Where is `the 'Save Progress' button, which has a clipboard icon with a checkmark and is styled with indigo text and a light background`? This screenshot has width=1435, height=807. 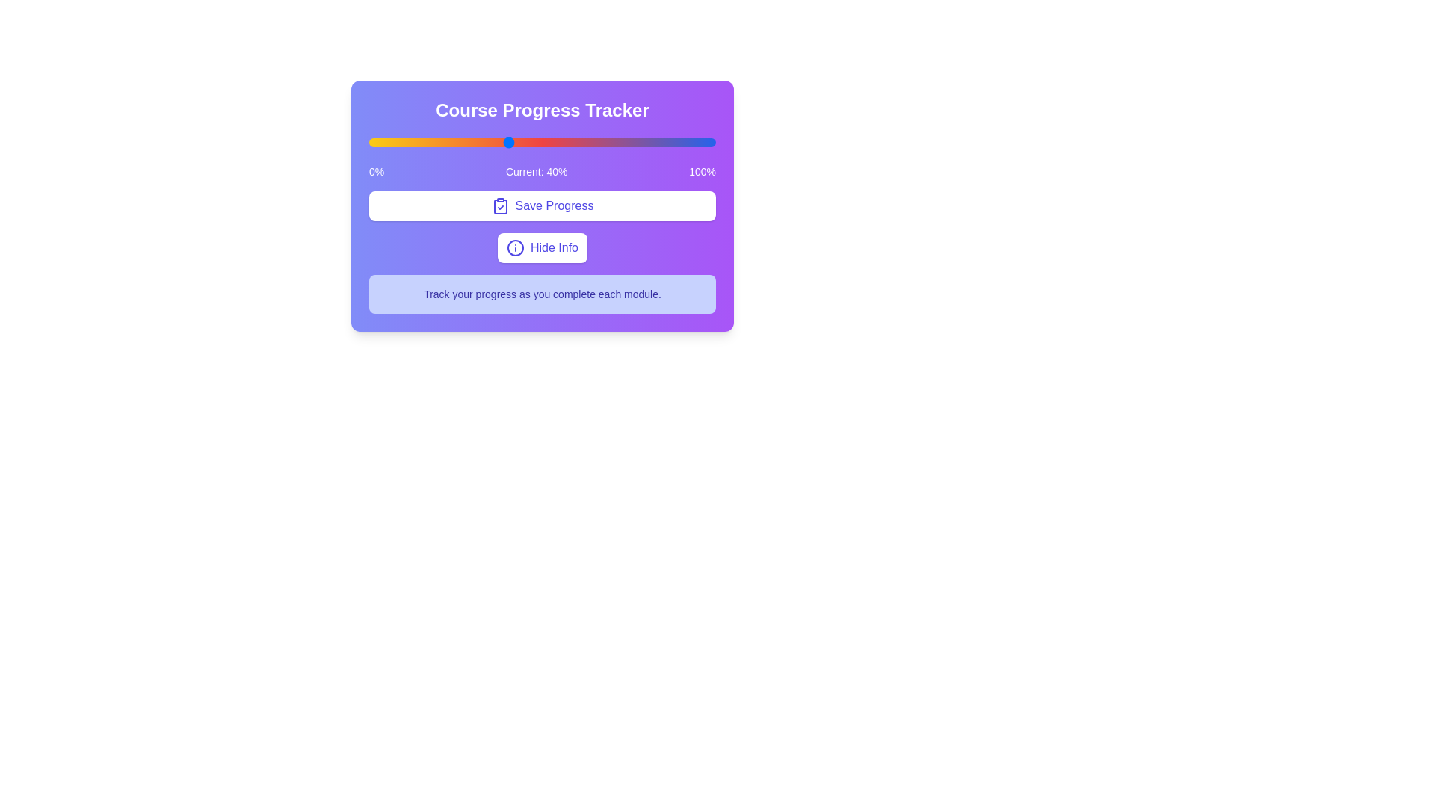 the 'Save Progress' button, which has a clipboard icon with a checkmark and is styled with indigo text and a light background is located at coordinates (541, 206).